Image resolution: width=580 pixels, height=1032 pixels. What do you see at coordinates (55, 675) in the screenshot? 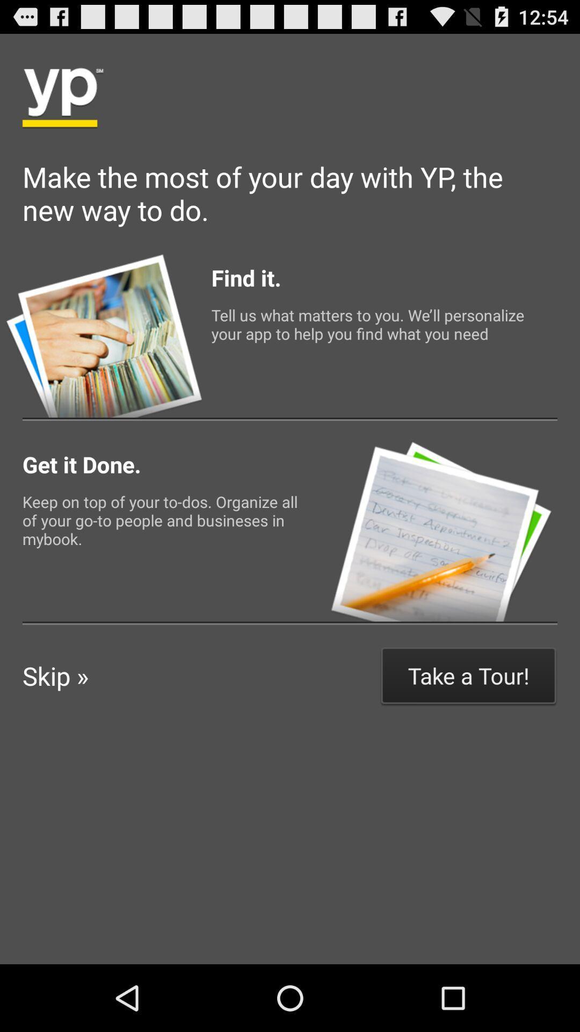
I see `icon next to take a tour! button` at bounding box center [55, 675].